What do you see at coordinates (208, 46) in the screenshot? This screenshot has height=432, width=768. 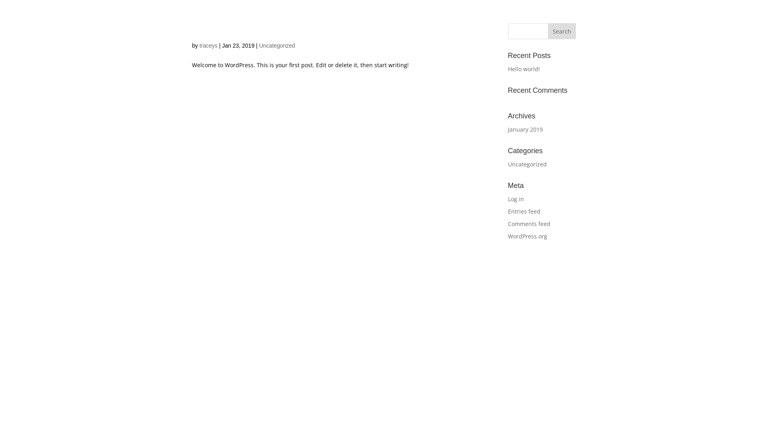 I see `'traceys'` at bounding box center [208, 46].